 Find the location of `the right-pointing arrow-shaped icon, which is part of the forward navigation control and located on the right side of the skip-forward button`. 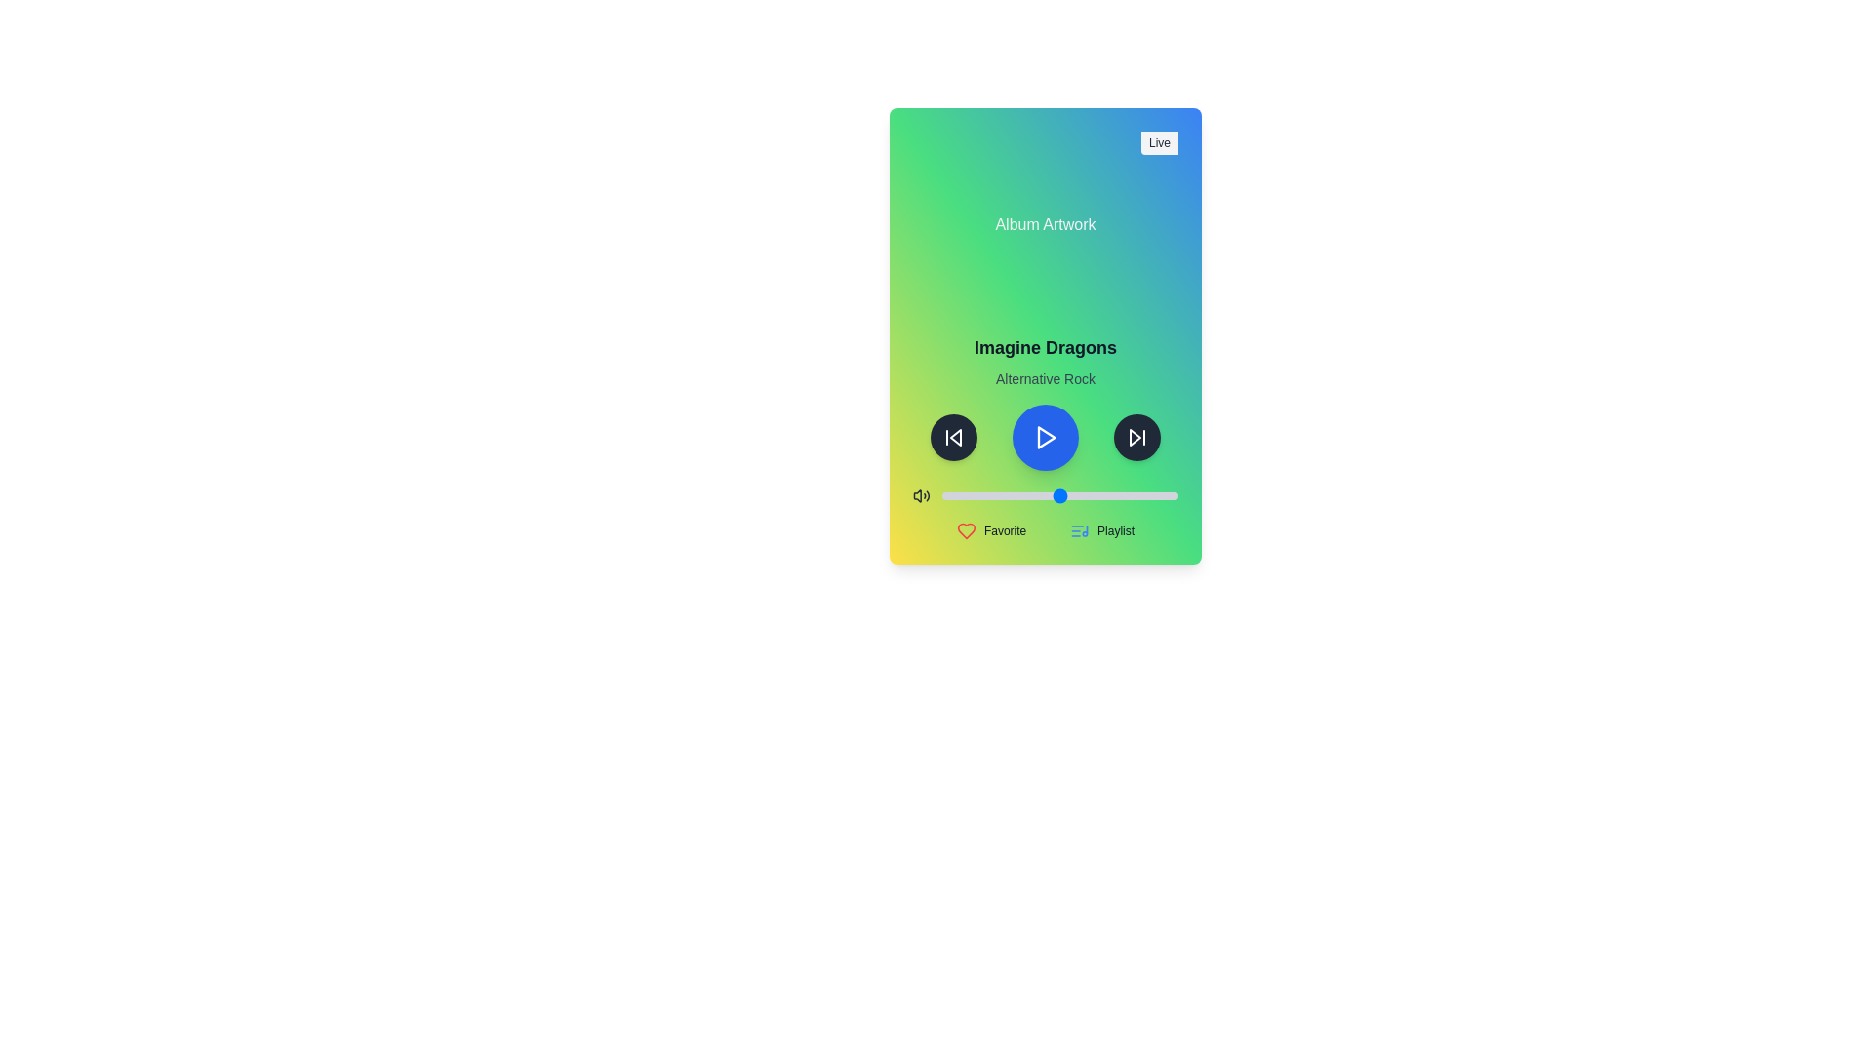

the right-pointing arrow-shaped icon, which is part of the forward navigation control and located on the right side of the skip-forward button is located at coordinates (1135, 436).